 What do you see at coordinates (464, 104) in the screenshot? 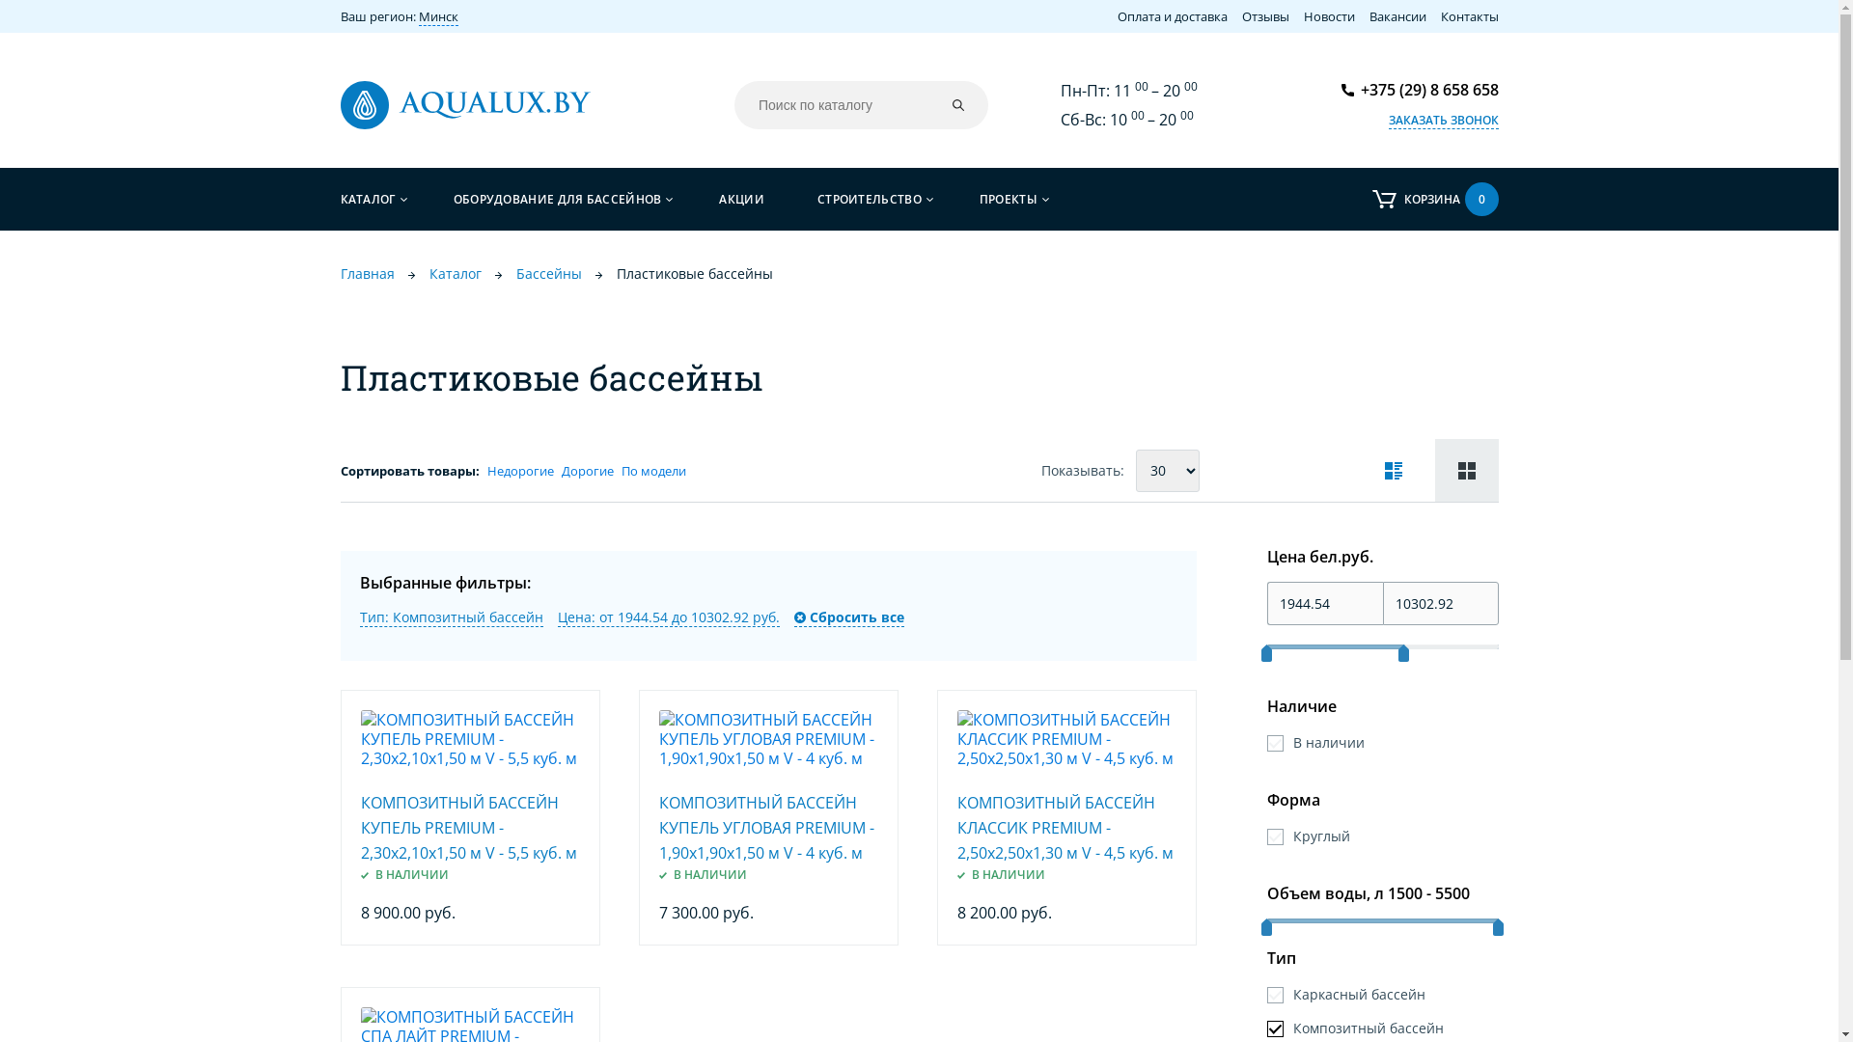
I see `'aqualux.by'` at bounding box center [464, 104].